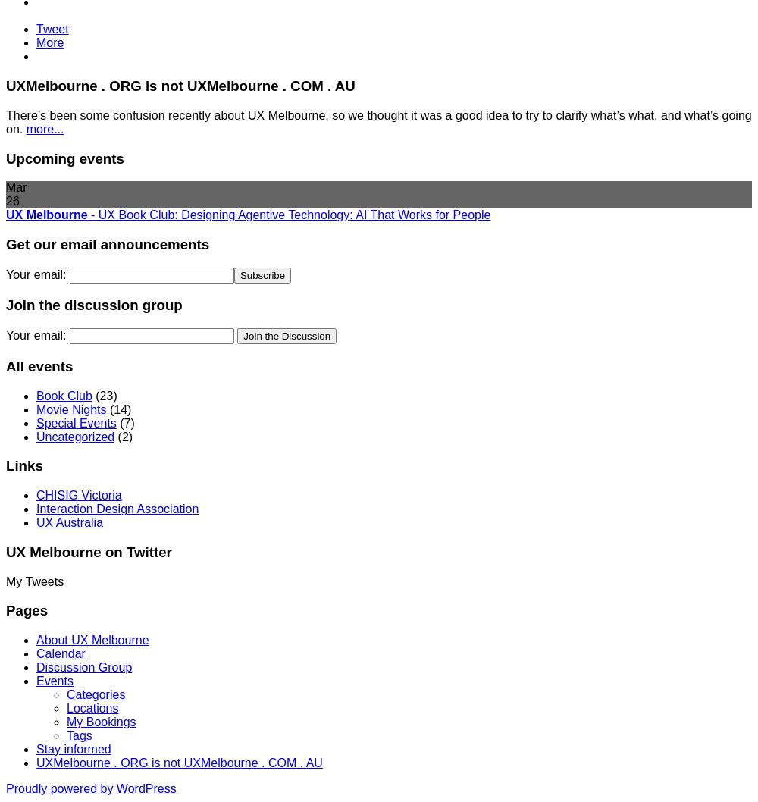 This screenshot has width=758, height=802. What do you see at coordinates (289, 214) in the screenshot?
I see `'- UX Book Club: Designing Agentive Technology: AI That Works for People'` at bounding box center [289, 214].